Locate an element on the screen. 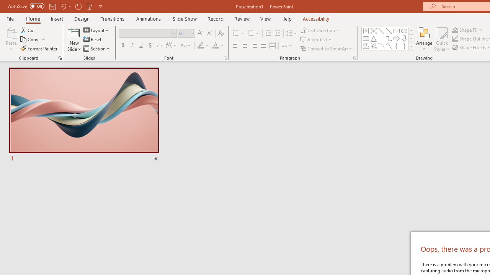  'Align Right' is located at coordinates (254, 45).